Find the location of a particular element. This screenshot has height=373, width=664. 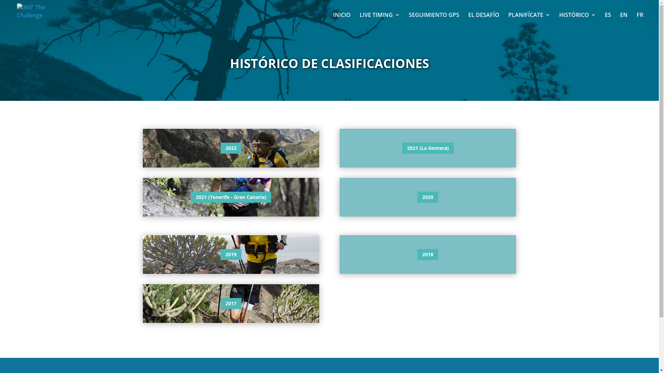

'2019' is located at coordinates (231, 254).